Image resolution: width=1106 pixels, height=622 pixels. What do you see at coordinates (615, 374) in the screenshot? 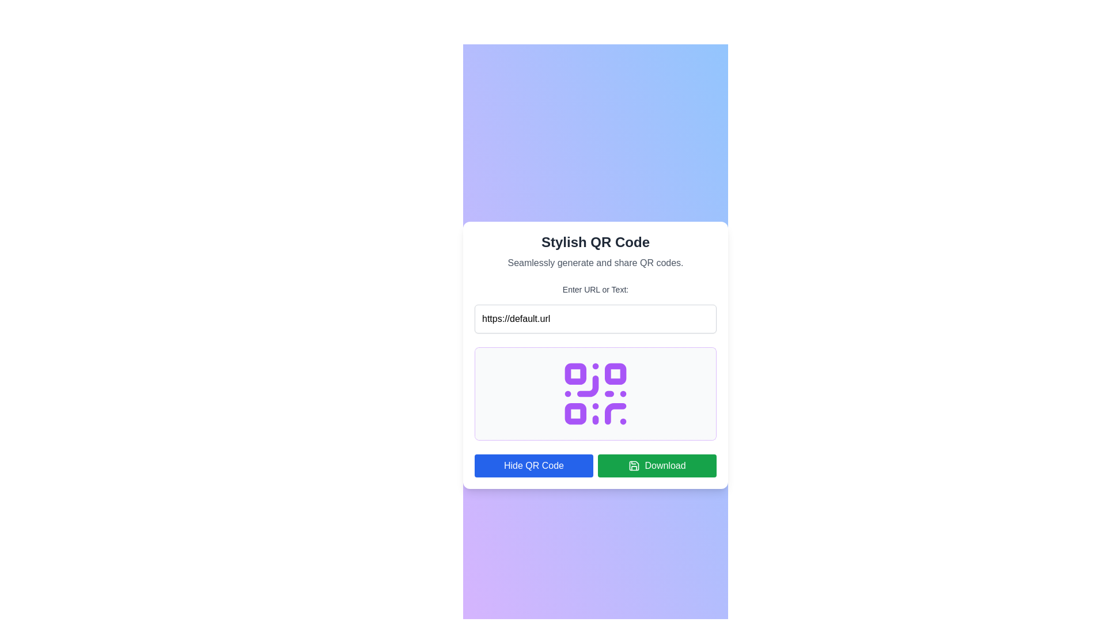
I see `the second small square in the top-right corner of the QR code representation, which is part of the decorative graphical component of the QR code` at bounding box center [615, 374].